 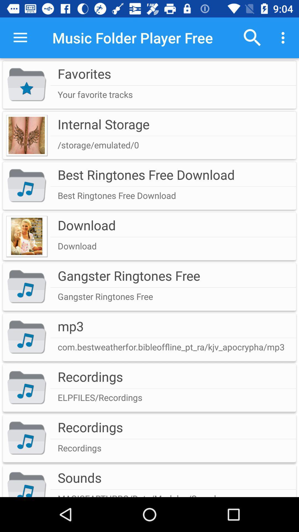 I want to click on the icon left to the recordings, so click(x=27, y=388).